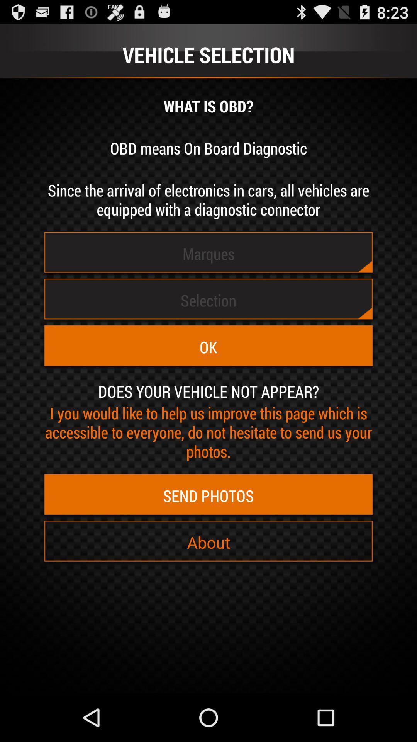 The height and width of the screenshot is (742, 417). I want to click on the ok icon, so click(208, 347).